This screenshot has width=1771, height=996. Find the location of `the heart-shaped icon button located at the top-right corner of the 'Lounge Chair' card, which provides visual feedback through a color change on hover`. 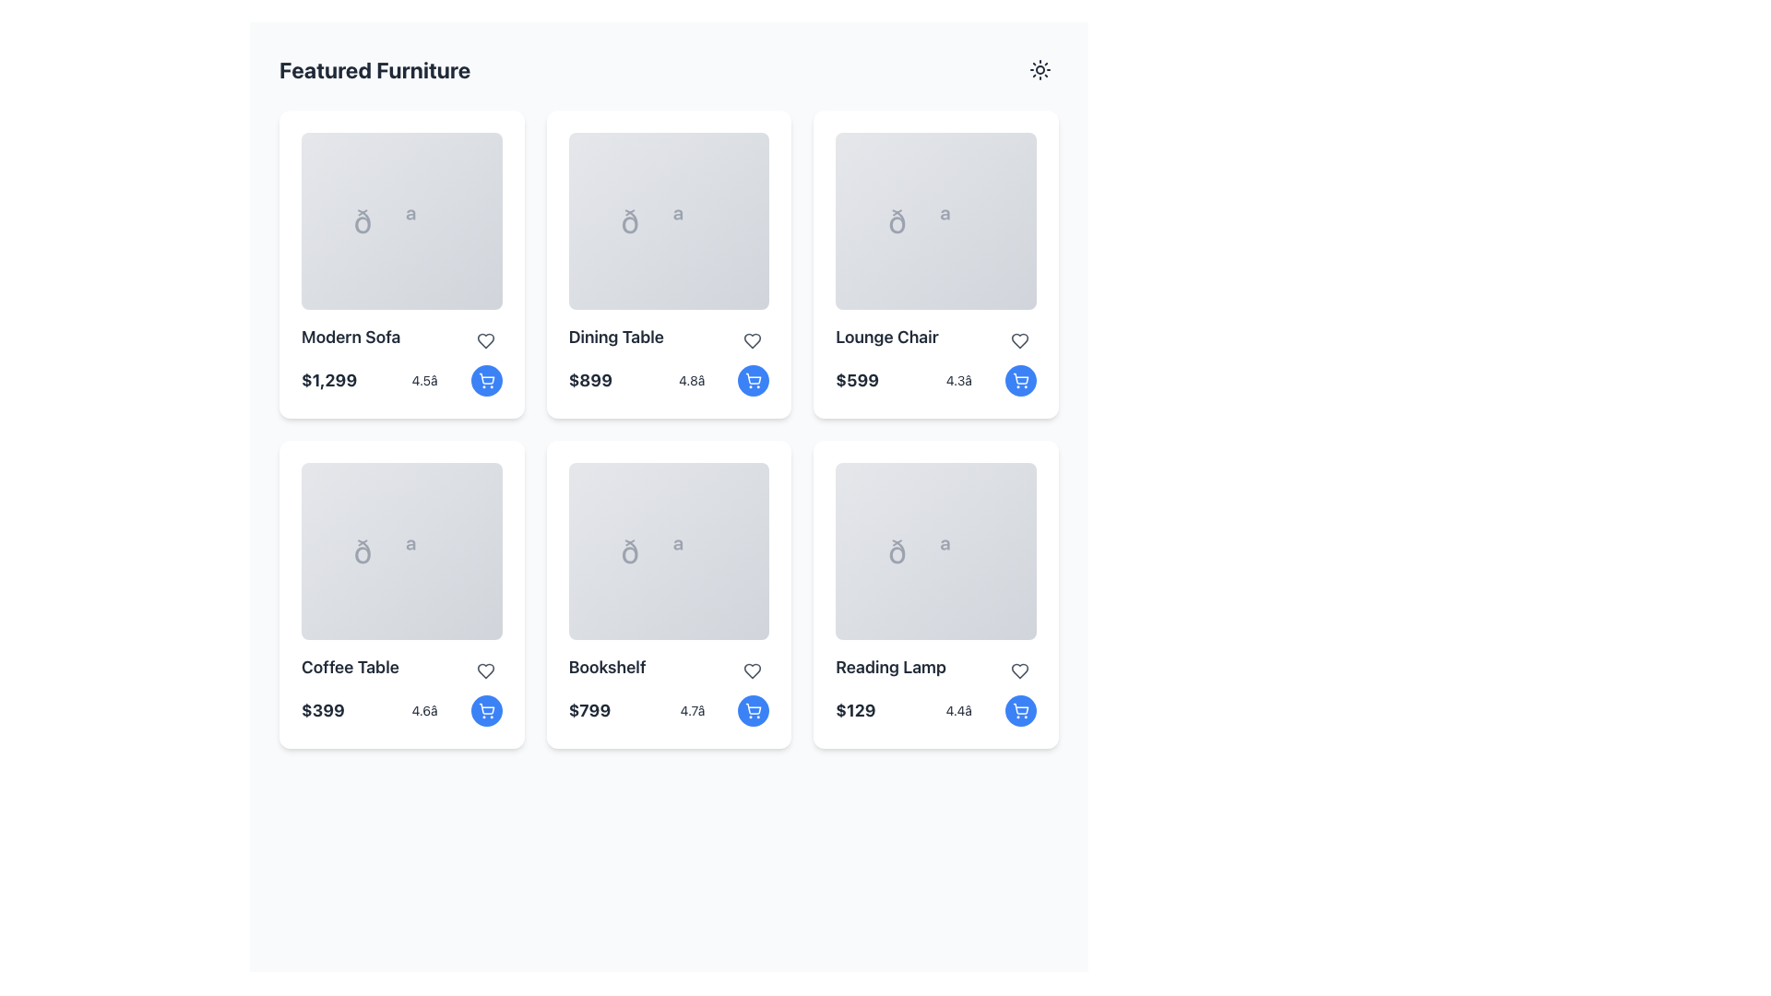

the heart-shaped icon button located at the top-right corner of the 'Lounge Chair' card, which provides visual feedback through a color change on hover is located at coordinates (1018, 341).